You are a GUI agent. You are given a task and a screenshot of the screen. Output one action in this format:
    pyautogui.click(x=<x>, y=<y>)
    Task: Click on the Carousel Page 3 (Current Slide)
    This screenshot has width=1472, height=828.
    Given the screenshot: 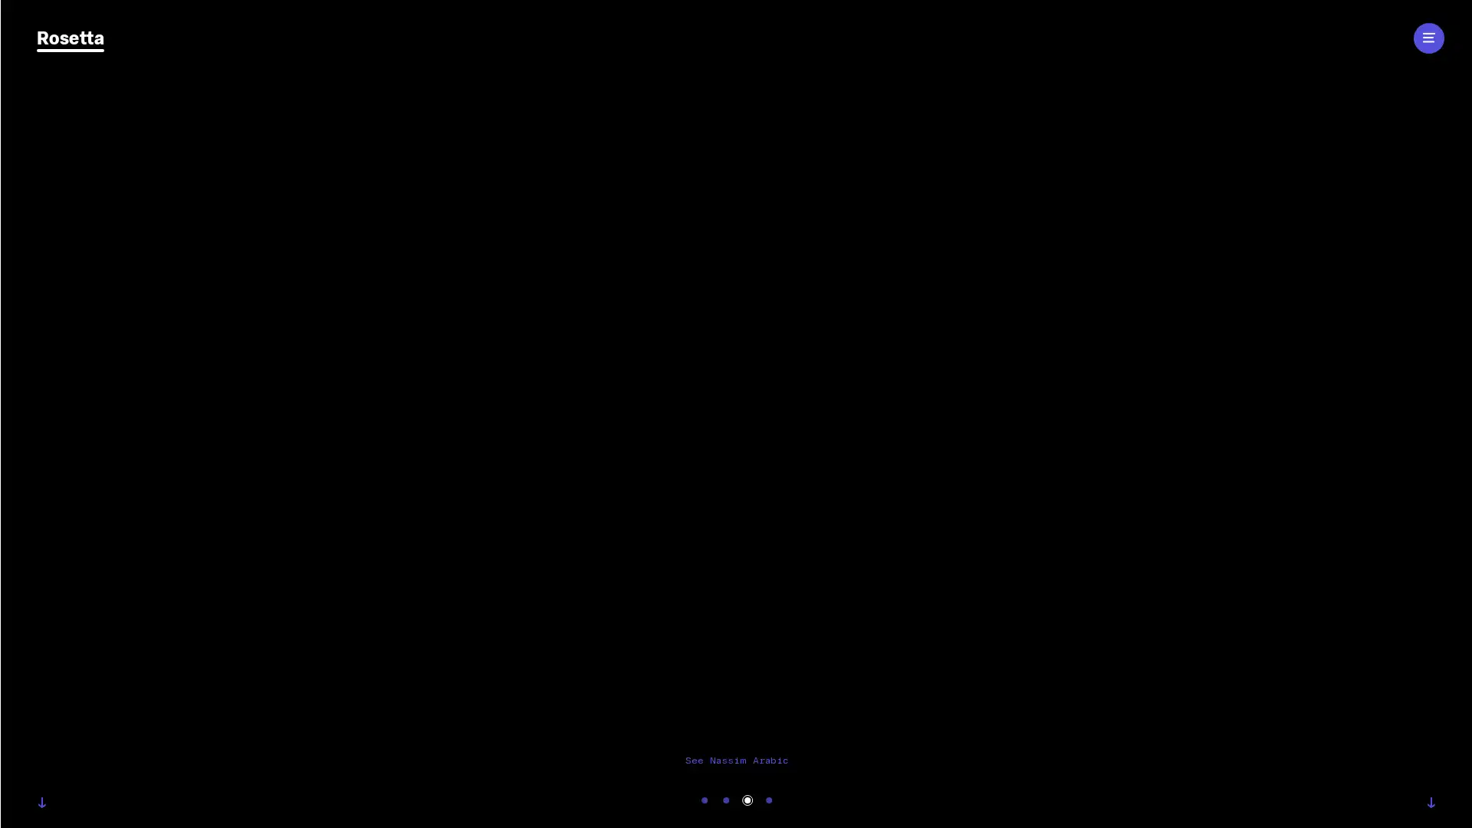 What is the action you would take?
    pyautogui.click(x=747, y=800)
    